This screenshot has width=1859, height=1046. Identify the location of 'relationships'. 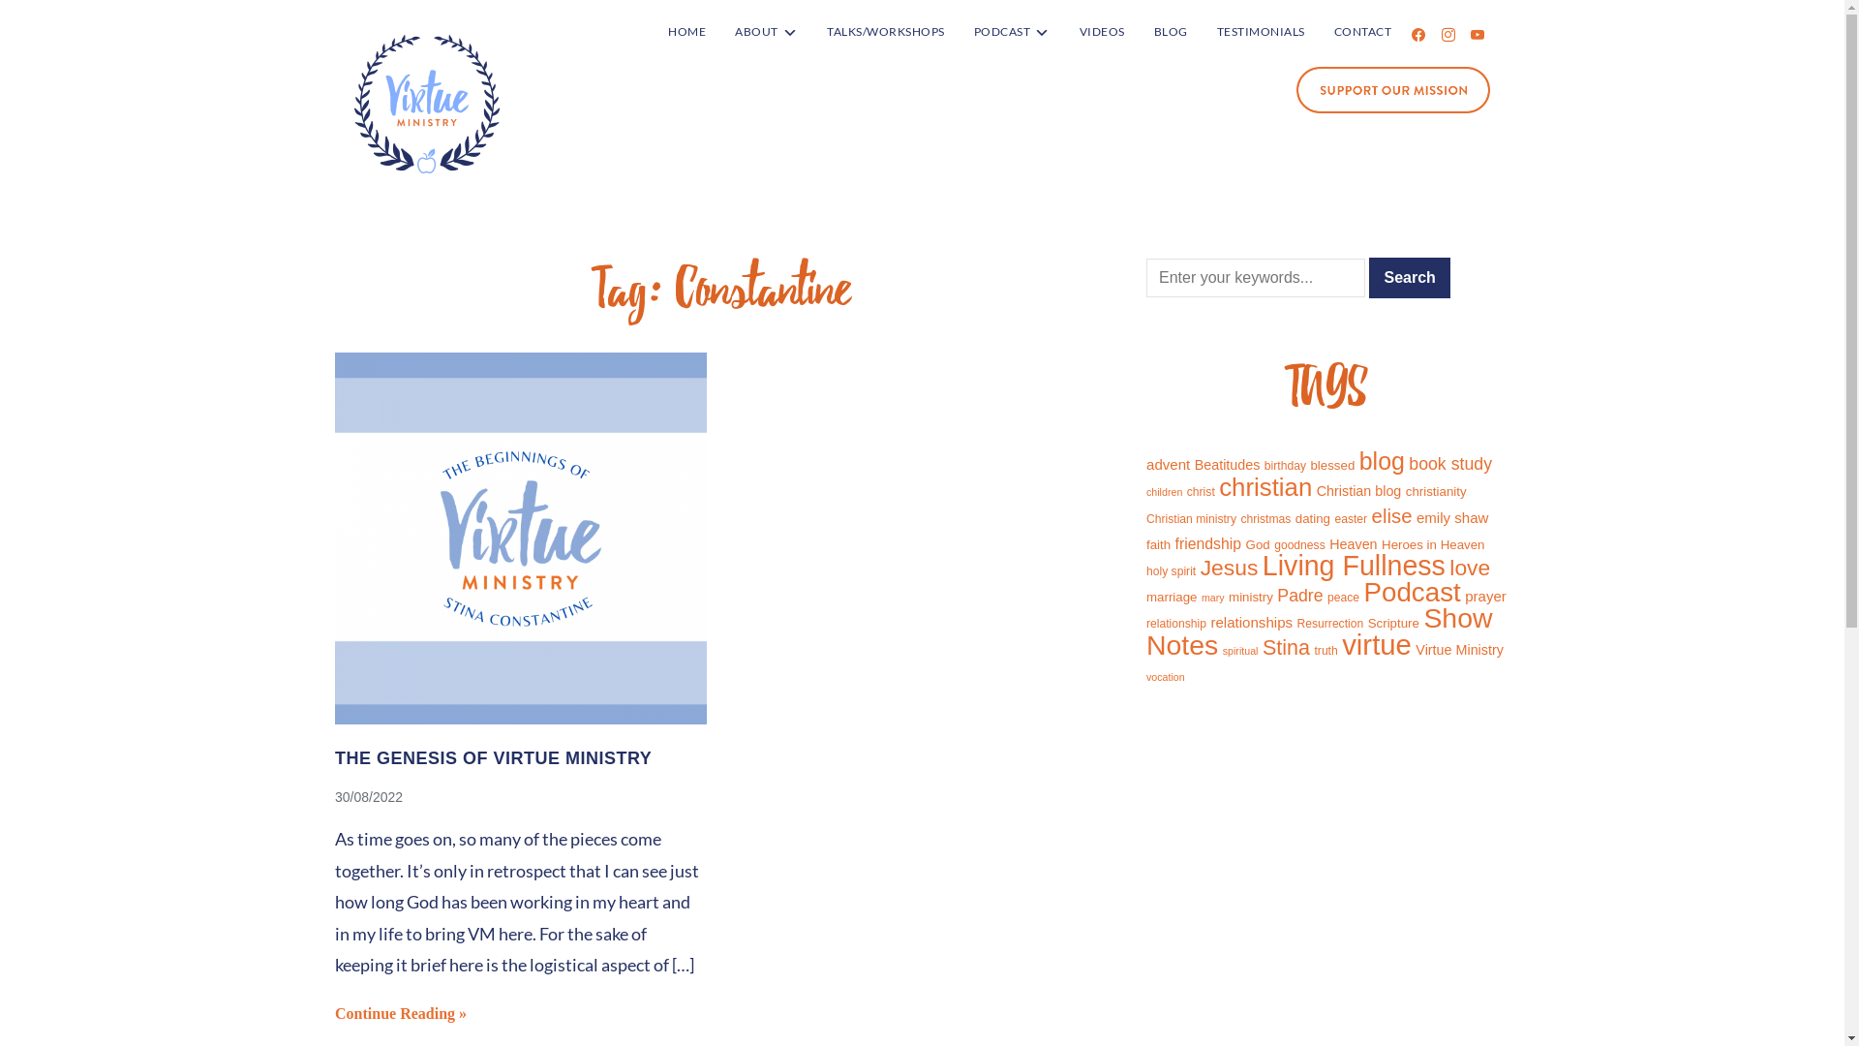
(1251, 622).